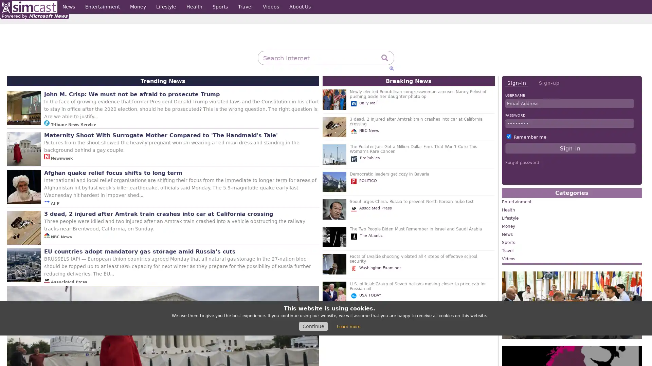  Describe the element at coordinates (313, 326) in the screenshot. I see `Continue` at that location.